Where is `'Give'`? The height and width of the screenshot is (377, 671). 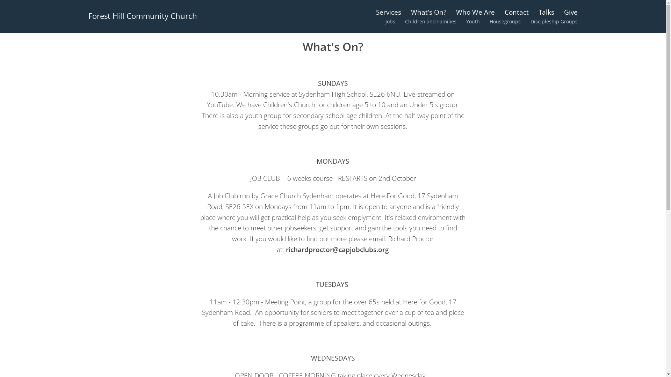
'Give' is located at coordinates (571, 12).